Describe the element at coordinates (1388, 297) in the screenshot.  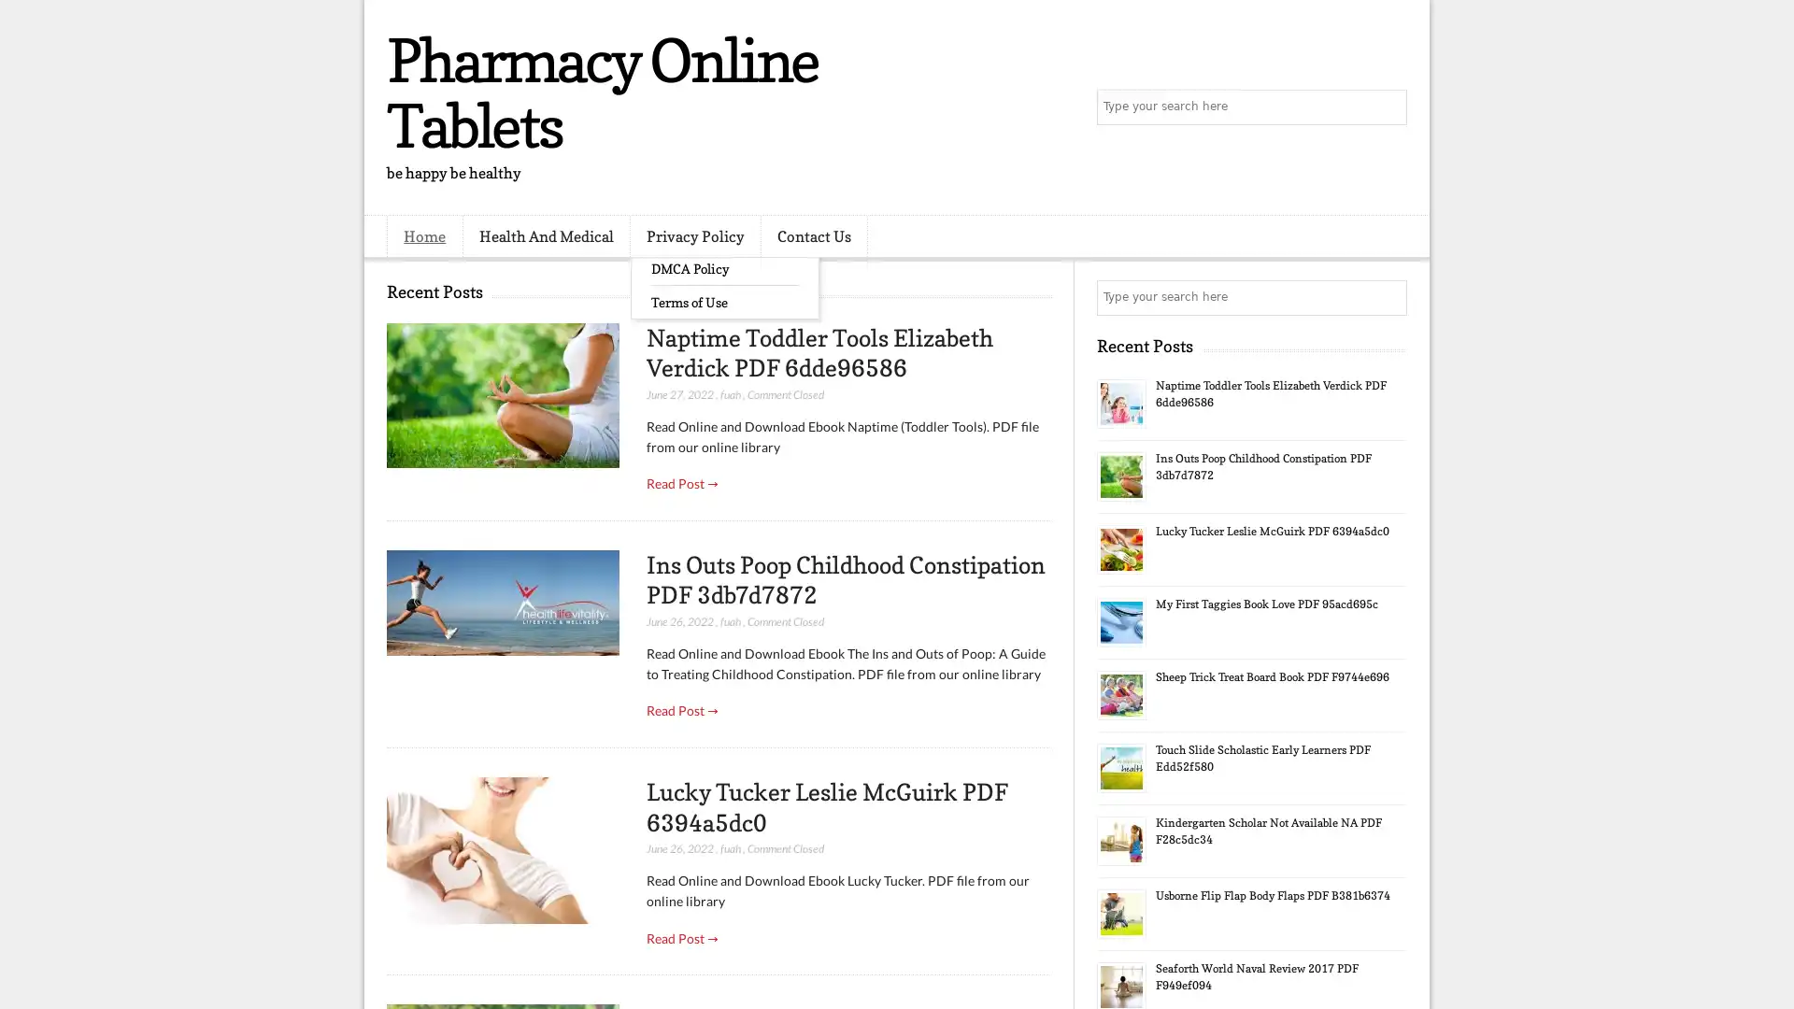
I see `Search` at that location.